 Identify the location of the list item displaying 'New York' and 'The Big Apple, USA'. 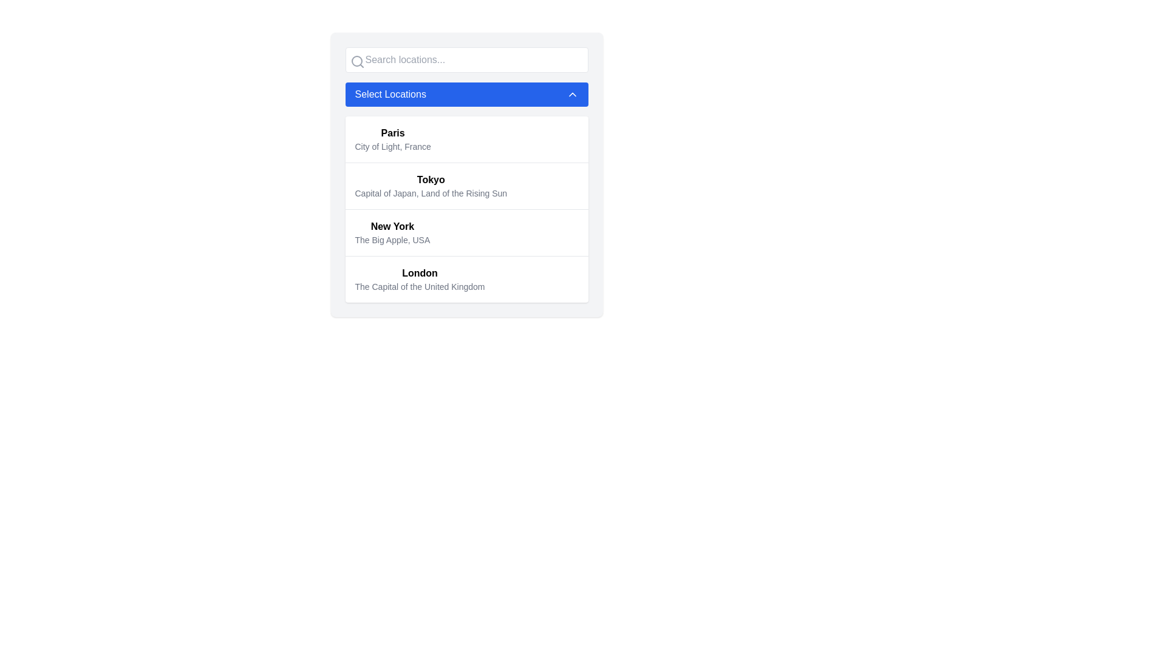
(392, 233).